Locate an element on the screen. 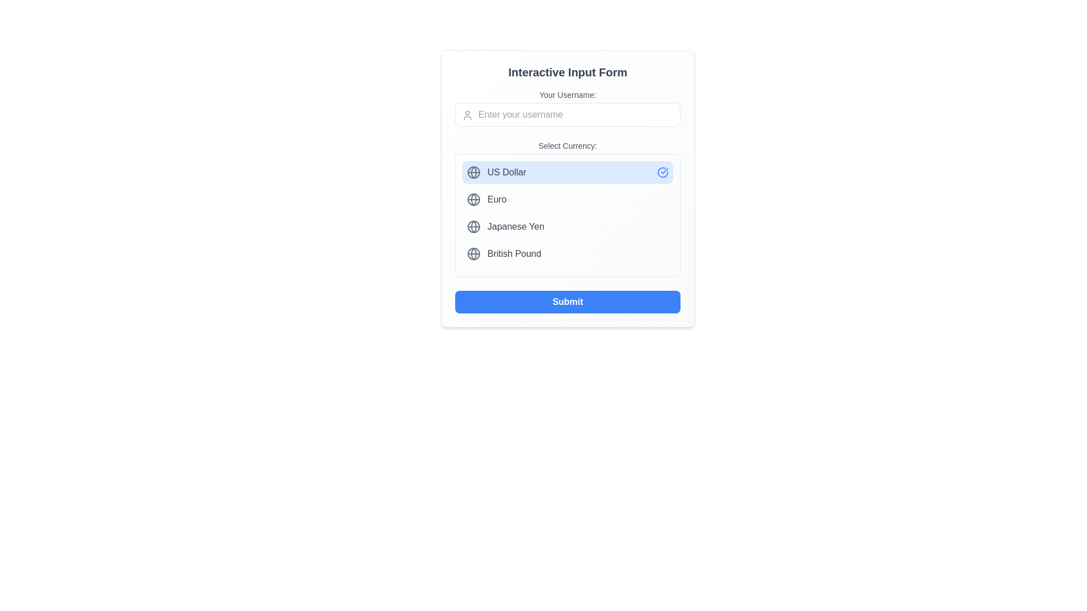 The height and width of the screenshot is (611, 1087). the selectable list item labeled 'British Pound' is located at coordinates (568, 253).